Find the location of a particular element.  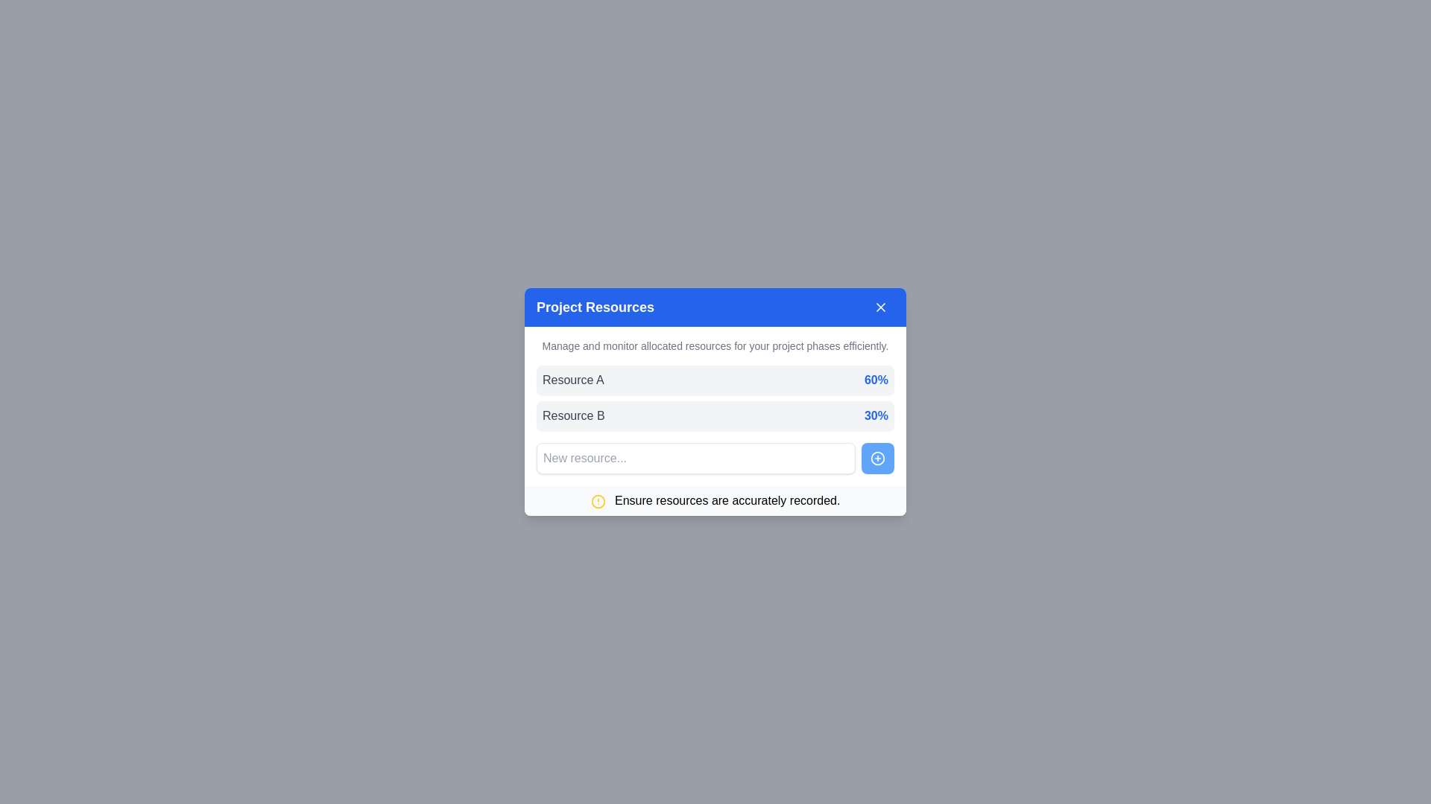

the notification bar containing the text 'Ensure resources are accurately recorded.' with a yellow warning icon, located at the bottom of the 'Project Resources' modal dialog is located at coordinates (715, 500).